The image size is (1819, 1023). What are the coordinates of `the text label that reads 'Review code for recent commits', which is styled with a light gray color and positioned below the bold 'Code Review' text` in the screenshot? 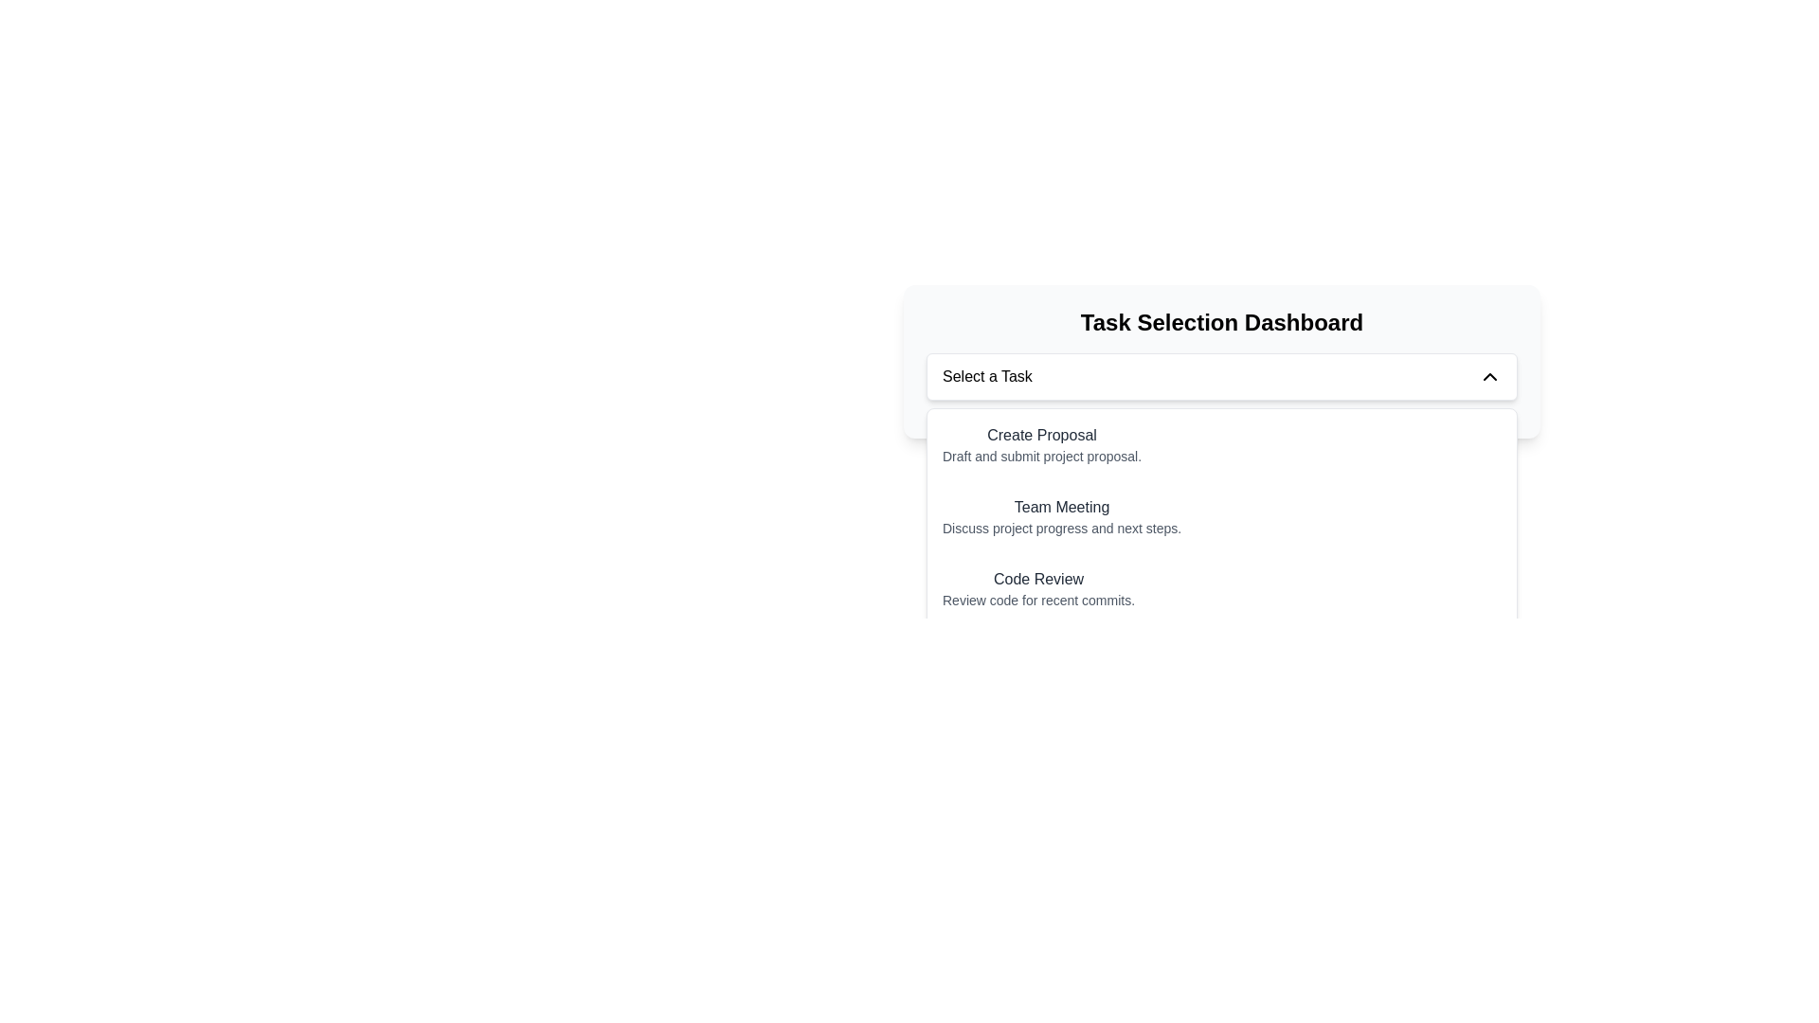 It's located at (1037, 600).